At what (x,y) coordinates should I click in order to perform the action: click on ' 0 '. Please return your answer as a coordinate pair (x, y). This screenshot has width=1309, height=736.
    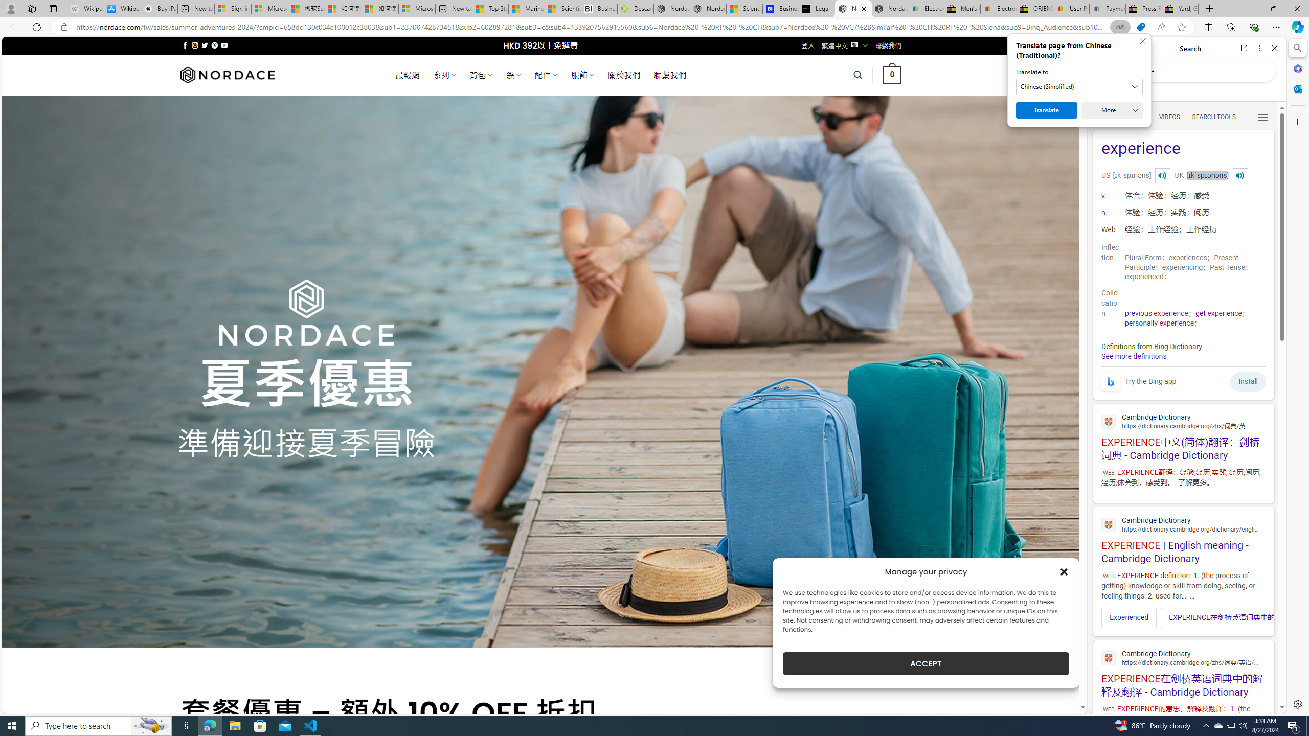
    Looking at the image, I should click on (892, 74).